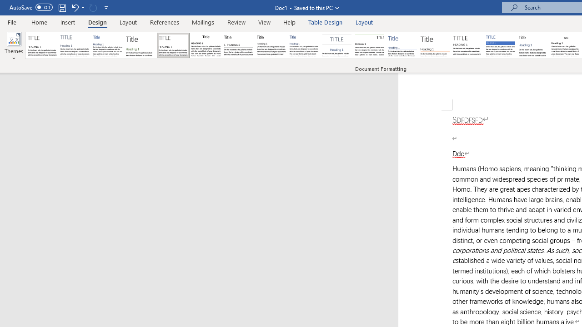 The width and height of the screenshot is (582, 327). Describe the element at coordinates (533, 45) in the screenshot. I see `'Word'` at that location.